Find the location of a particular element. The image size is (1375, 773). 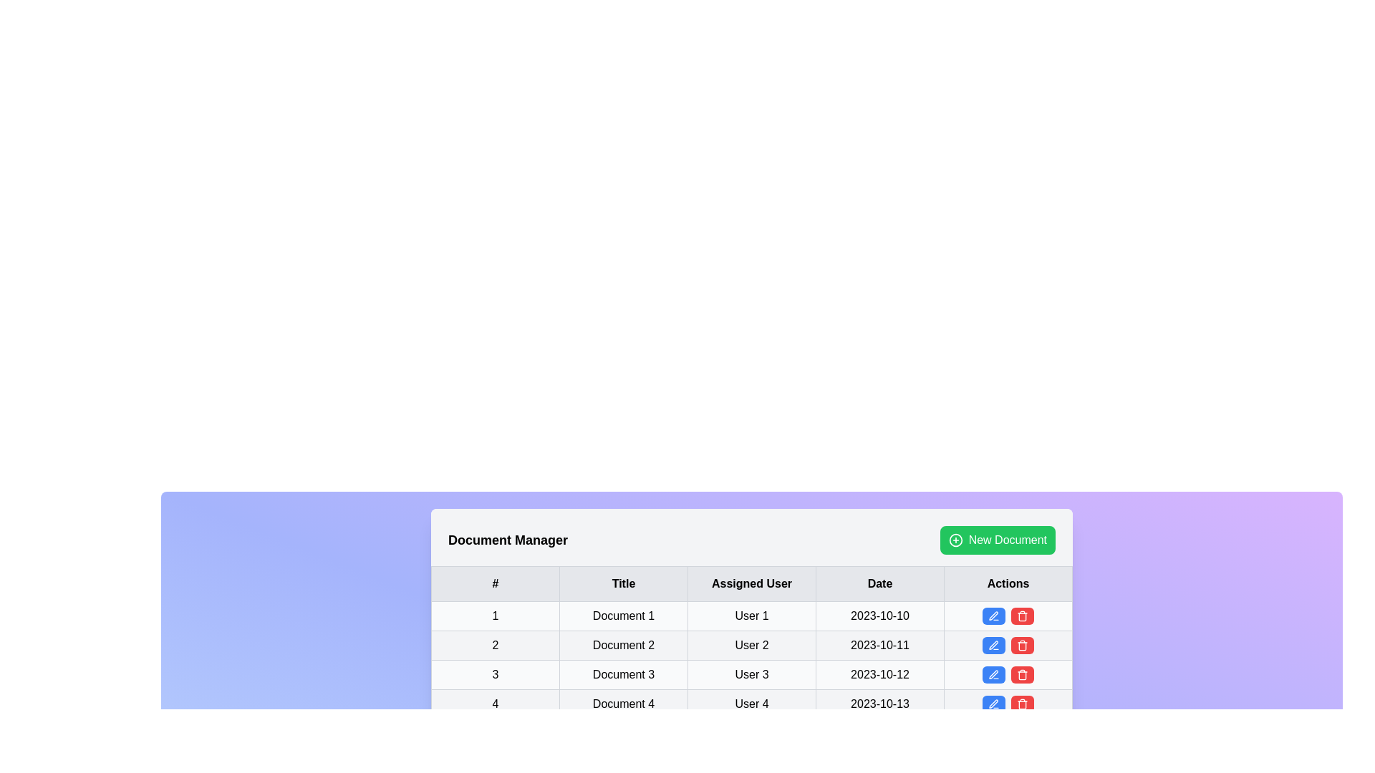

the table cell containing the text '4', which is the first cell in the last row under the column header '#' is located at coordinates (495, 703).